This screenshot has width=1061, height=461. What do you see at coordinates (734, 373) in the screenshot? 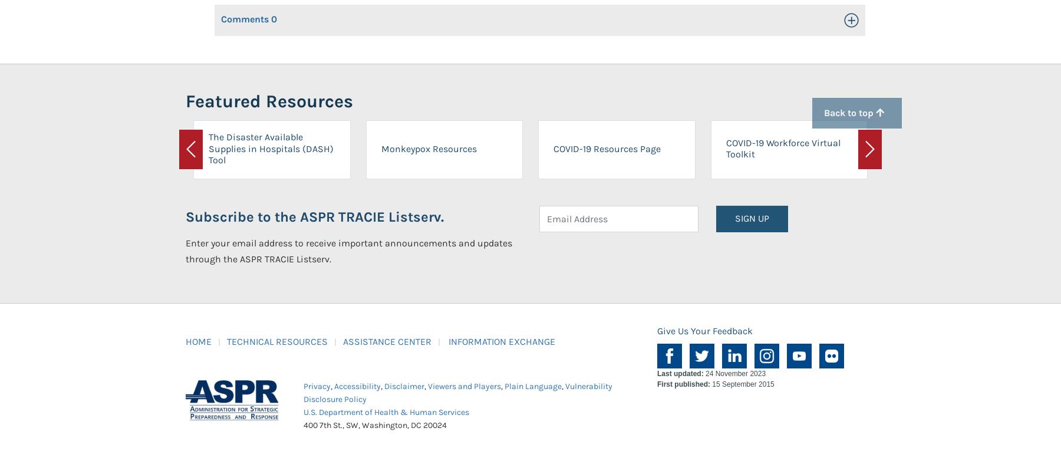
I see `'24 November 2023'` at bounding box center [734, 373].